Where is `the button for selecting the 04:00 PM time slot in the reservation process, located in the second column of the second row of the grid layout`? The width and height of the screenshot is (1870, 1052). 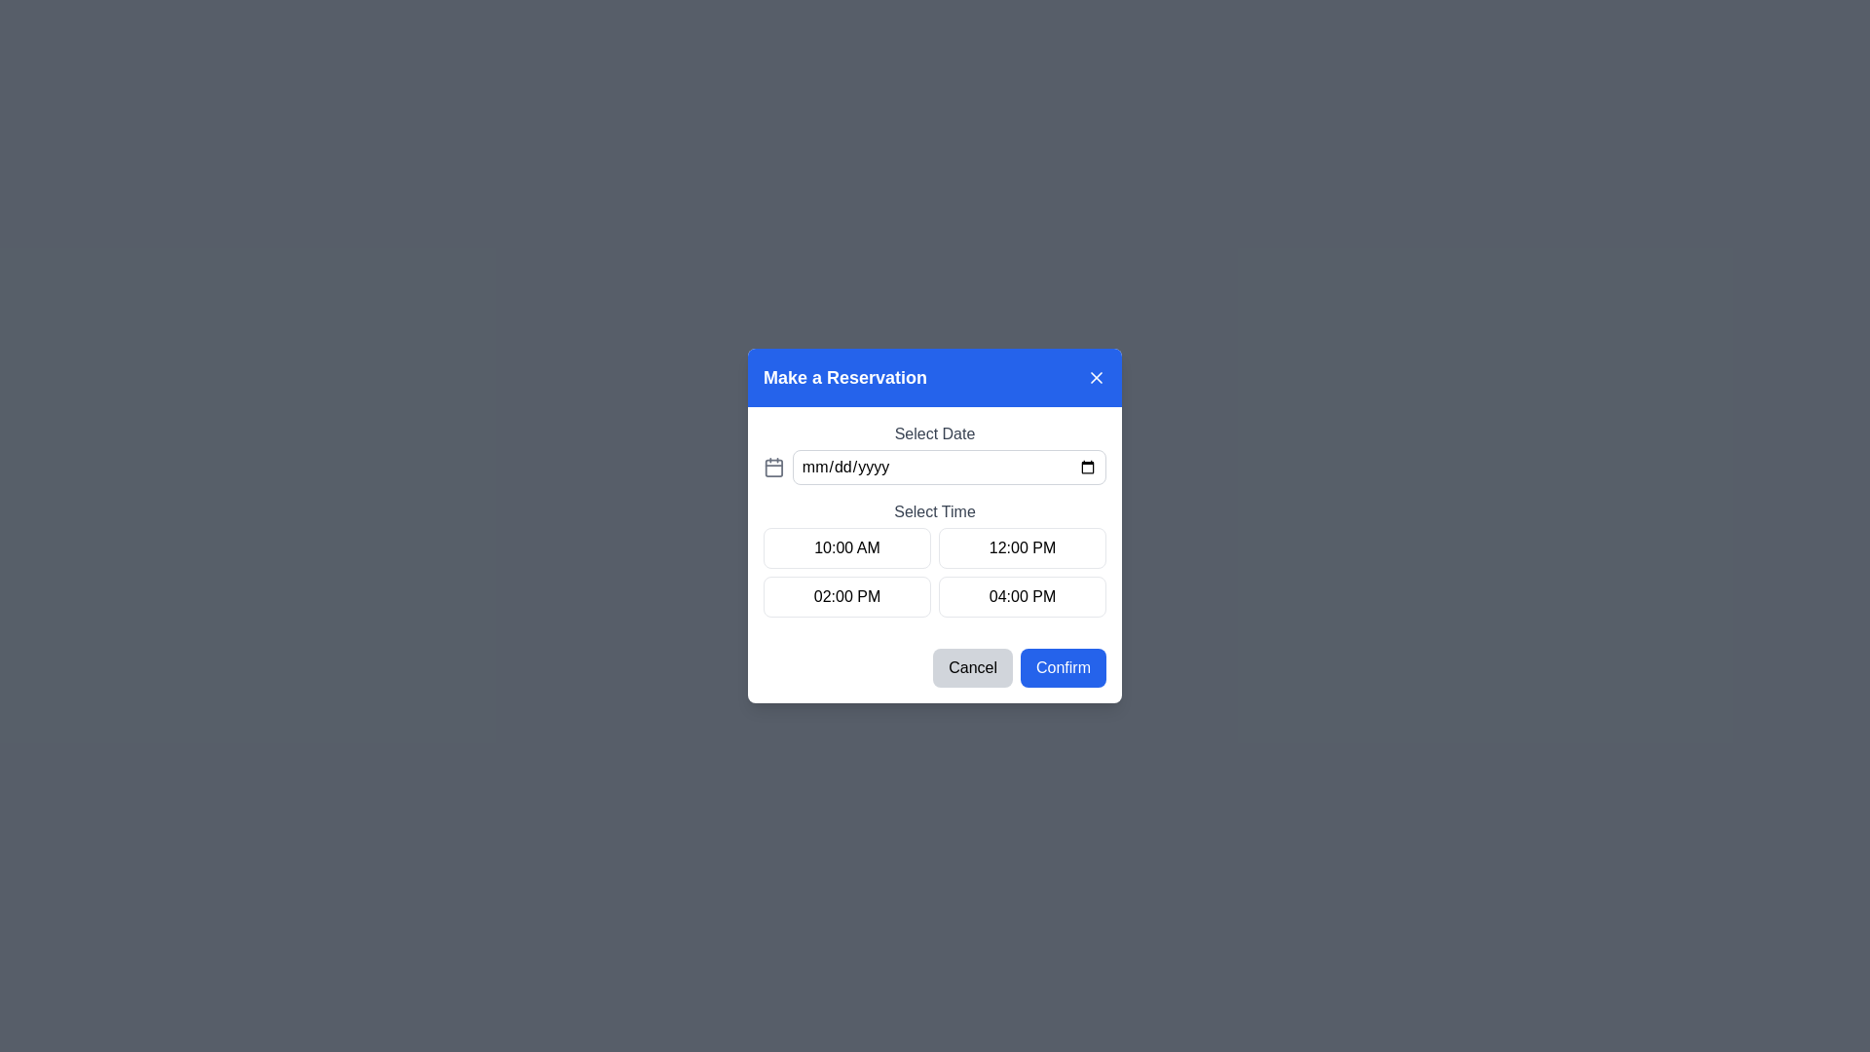
the button for selecting the 04:00 PM time slot in the reservation process, located in the second column of the second row of the grid layout is located at coordinates (1022, 596).